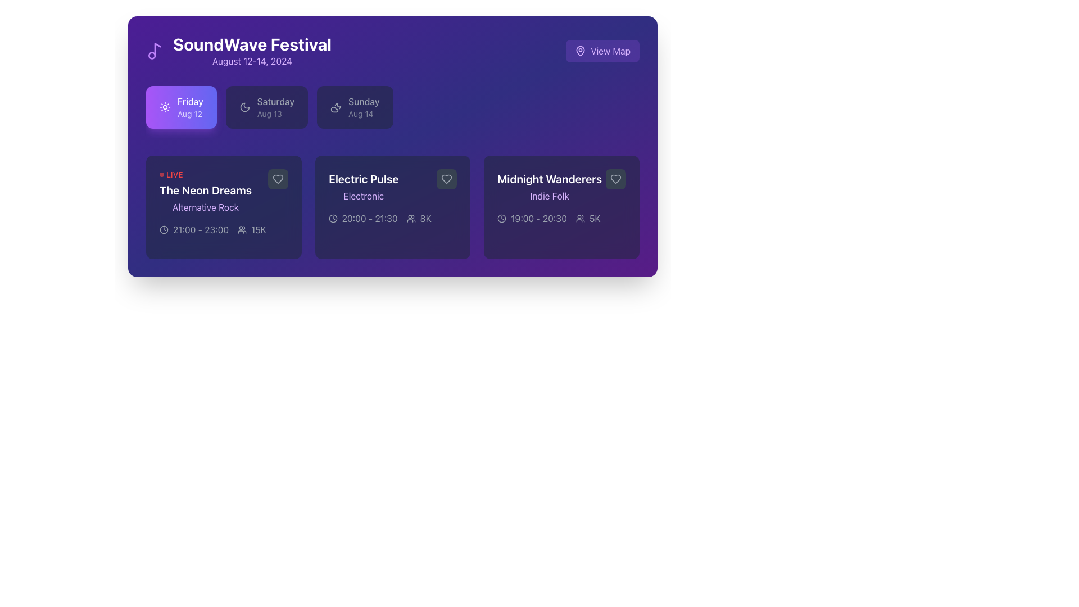  What do you see at coordinates (363, 195) in the screenshot?
I see `the text label displaying 'Electronic' in light purple color located beneath the 'Electric Pulse' header in the middle card of the layout` at bounding box center [363, 195].